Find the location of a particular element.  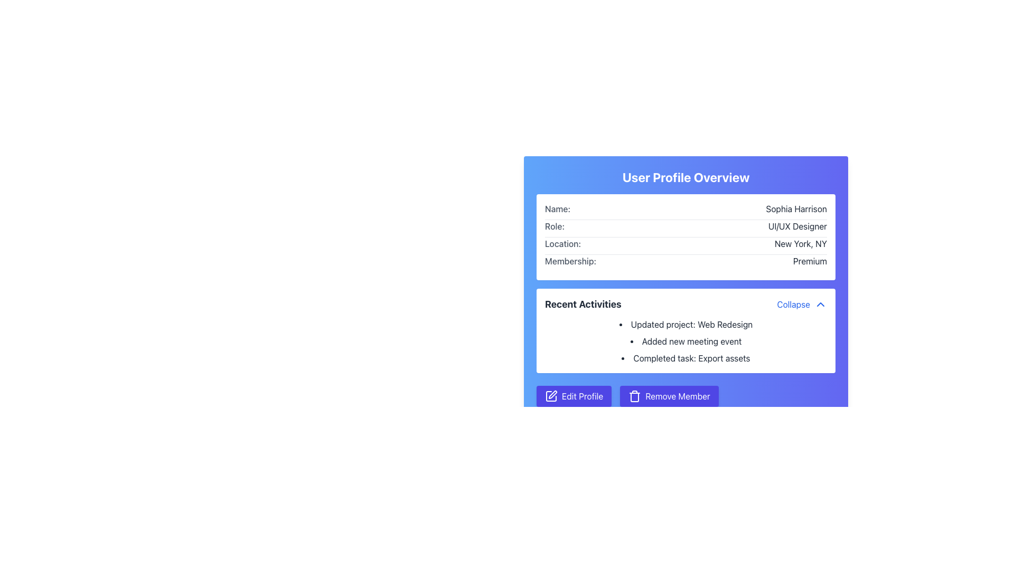

the toggle button on the far right of the 'Recent Activities' section is located at coordinates (802, 305).